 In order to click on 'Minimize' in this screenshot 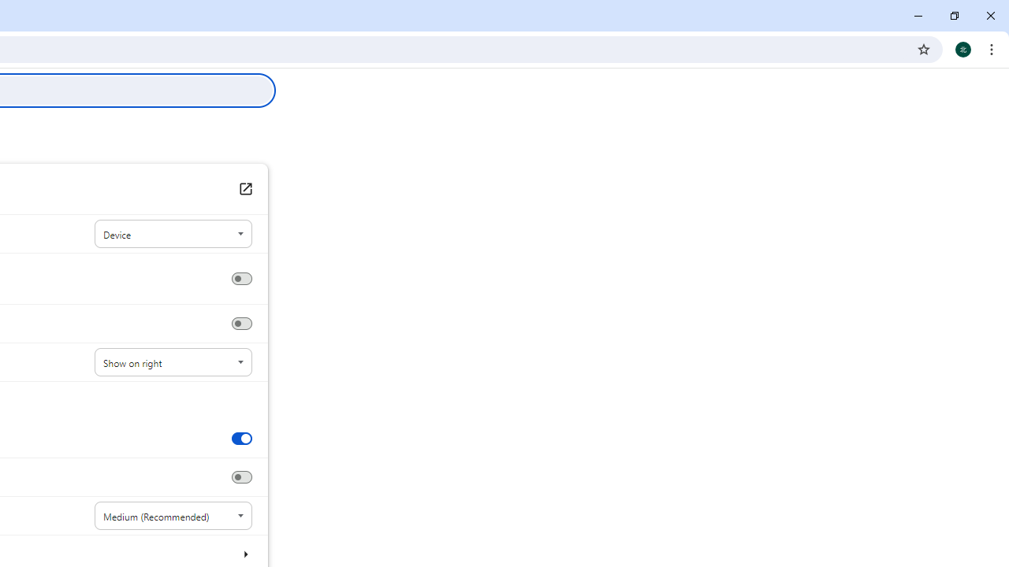, I will do `click(918, 16)`.